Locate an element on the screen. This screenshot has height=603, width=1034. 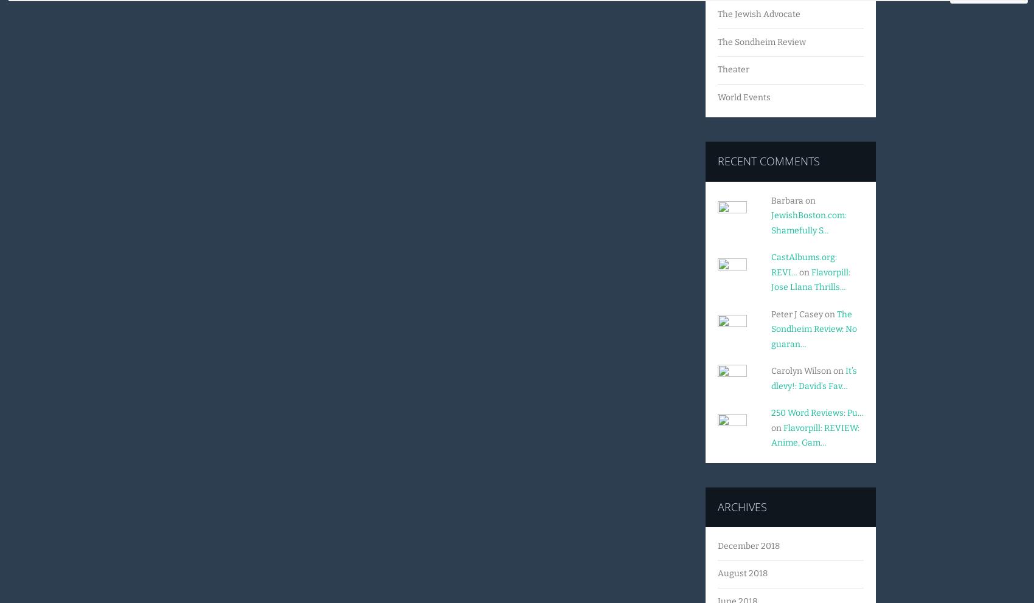
'JewishBoston.com: Shamefully S…' is located at coordinates (771, 222).